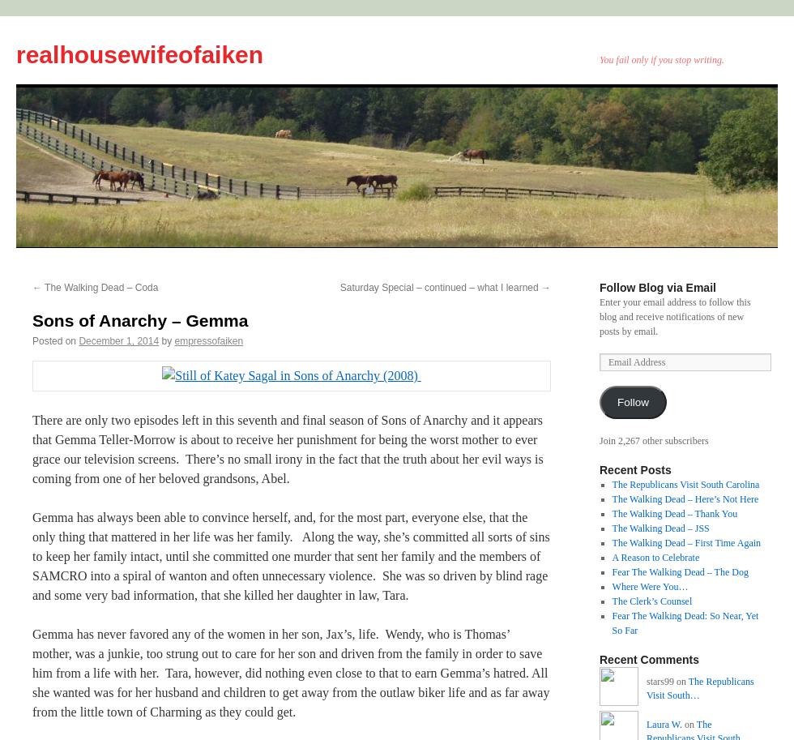  I want to click on 'Recent Posts', so click(599, 469).